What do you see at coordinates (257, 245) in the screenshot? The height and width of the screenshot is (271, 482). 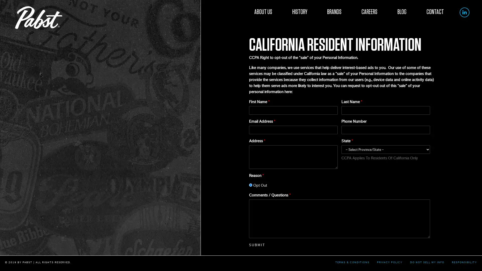 I see `SUBMIT` at bounding box center [257, 245].